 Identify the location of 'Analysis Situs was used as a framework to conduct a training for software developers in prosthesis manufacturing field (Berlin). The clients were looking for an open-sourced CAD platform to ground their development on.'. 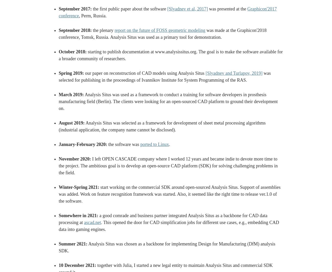
(58, 102).